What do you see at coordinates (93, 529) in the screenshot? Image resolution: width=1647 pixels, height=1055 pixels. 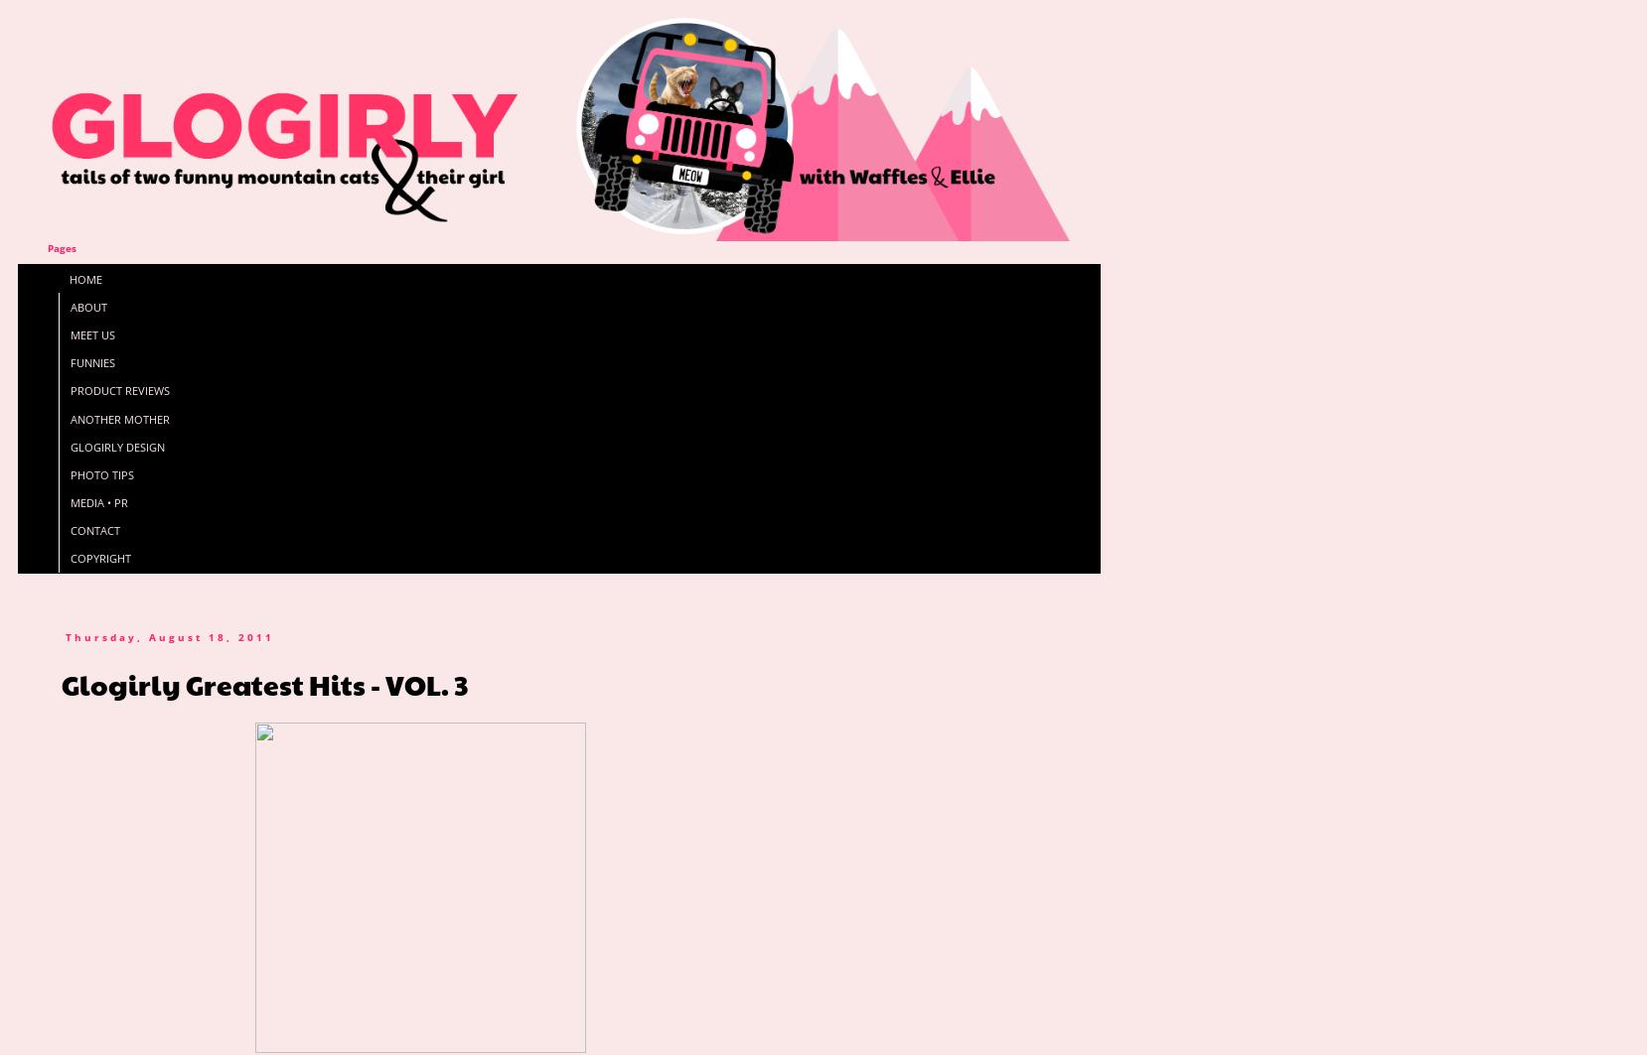 I see `'CONTACT'` at bounding box center [93, 529].